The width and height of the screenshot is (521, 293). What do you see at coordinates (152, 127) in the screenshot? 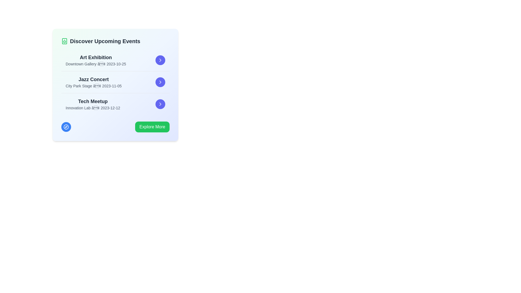
I see `the 'Explore More' button located at the bottom-right corner of the component` at bounding box center [152, 127].